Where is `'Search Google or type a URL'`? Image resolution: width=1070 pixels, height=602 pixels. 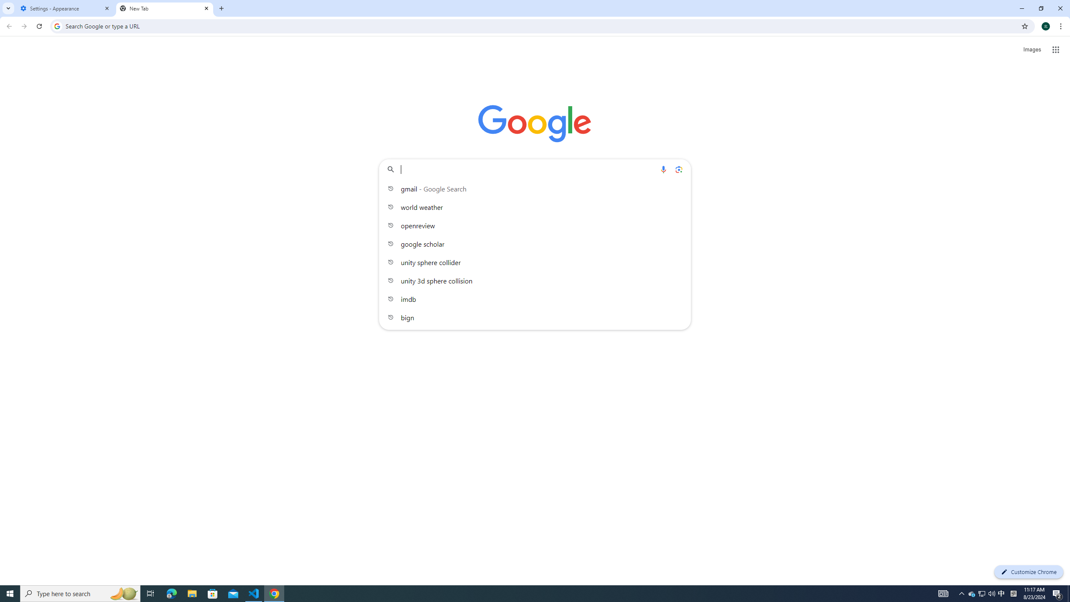 'Search Google or type a URL' is located at coordinates (535, 169).